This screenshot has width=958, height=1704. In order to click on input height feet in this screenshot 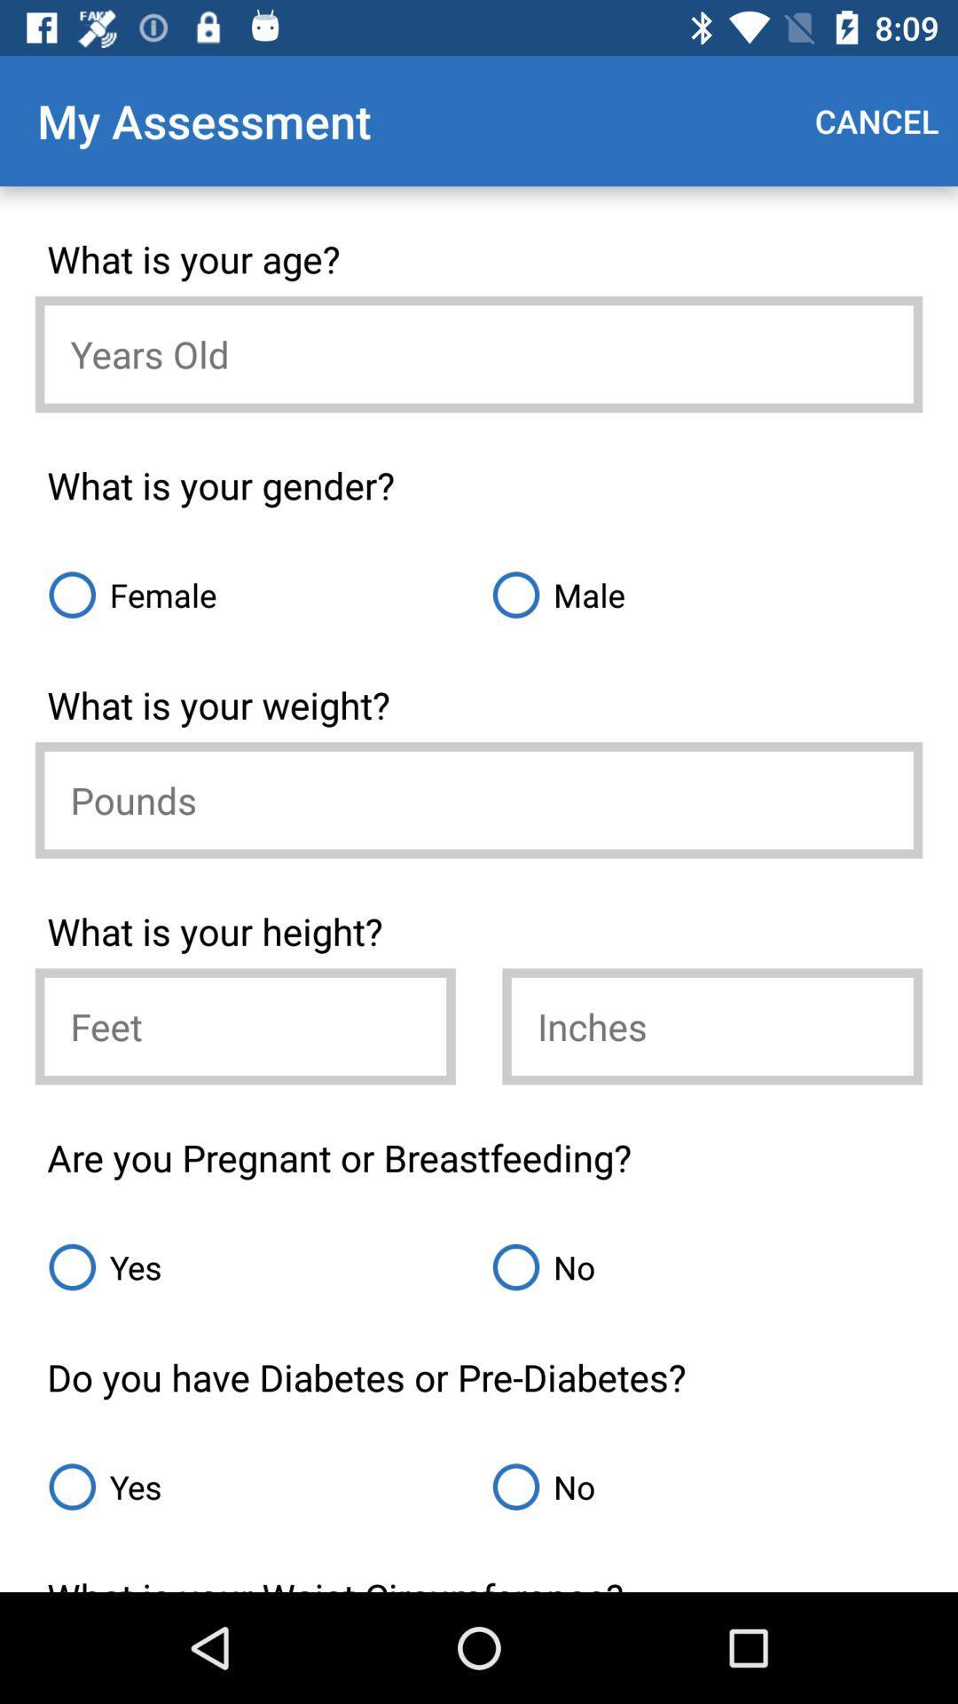, I will do `click(245, 1026)`.